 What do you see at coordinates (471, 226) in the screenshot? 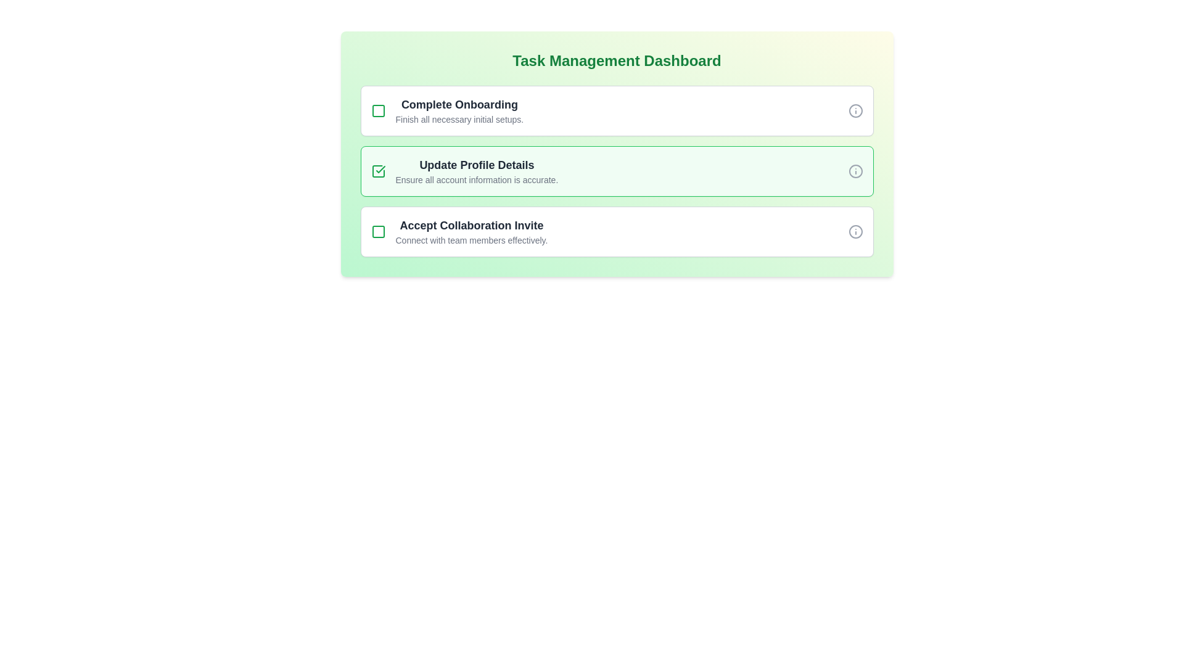
I see `the text label displaying 'Accept Collaboration Invite', which is the title of the third task` at bounding box center [471, 226].